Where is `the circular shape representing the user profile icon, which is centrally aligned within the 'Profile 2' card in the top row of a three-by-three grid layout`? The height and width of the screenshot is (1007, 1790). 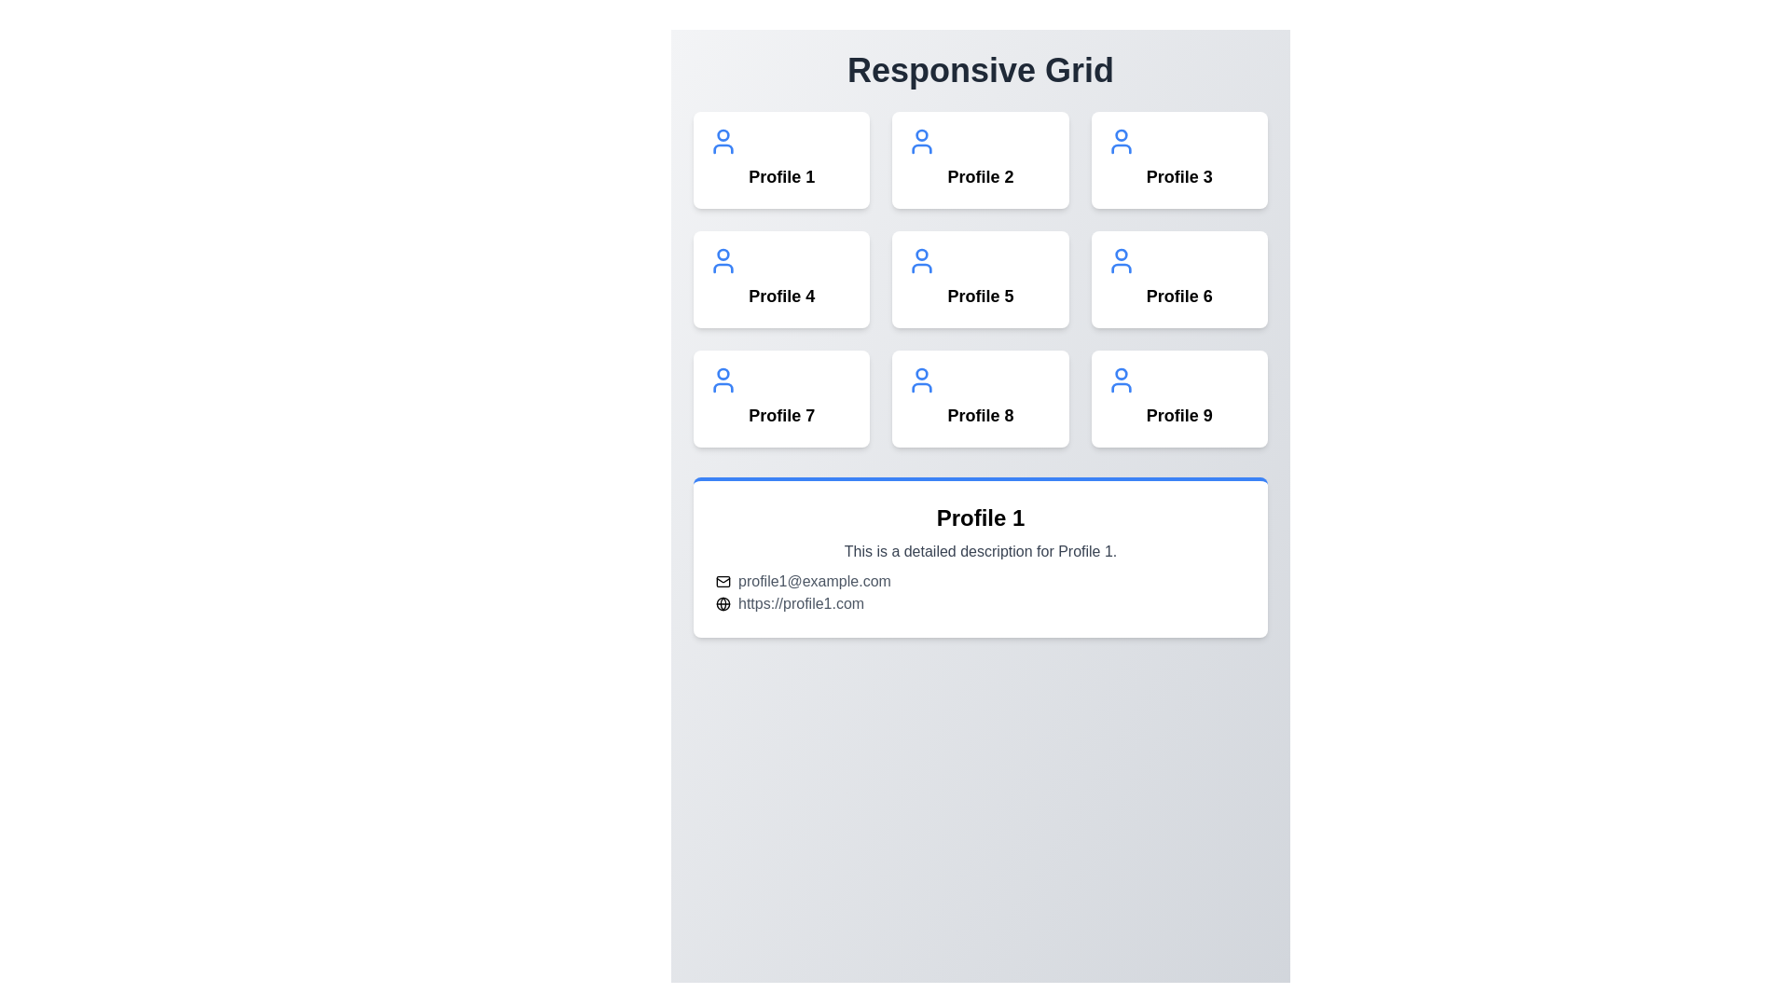
the circular shape representing the user profile icon, which is centrally aligned within the 'Profile 2' card in the top row of a three-by-three grid layout is located at coordinates (922, 134).